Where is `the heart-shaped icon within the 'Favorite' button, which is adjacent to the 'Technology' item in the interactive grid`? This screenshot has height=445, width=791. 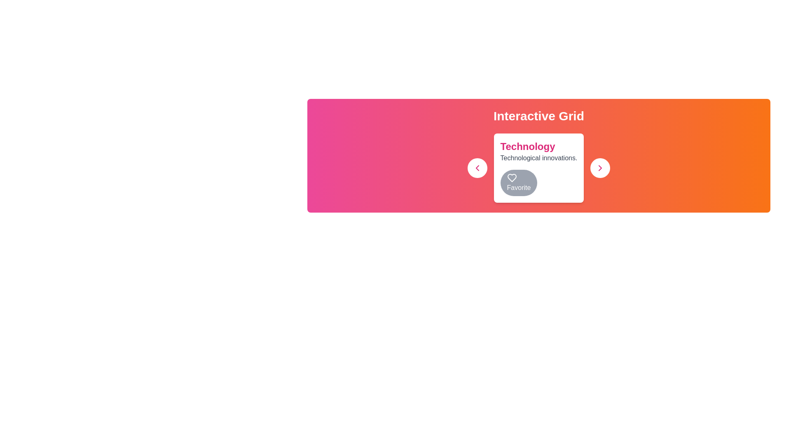
the heart-shaped icon within the 'Favorite' button, which is adjacent to the 'Technology' item in the interactive grid is located at coordinates (511, 178).